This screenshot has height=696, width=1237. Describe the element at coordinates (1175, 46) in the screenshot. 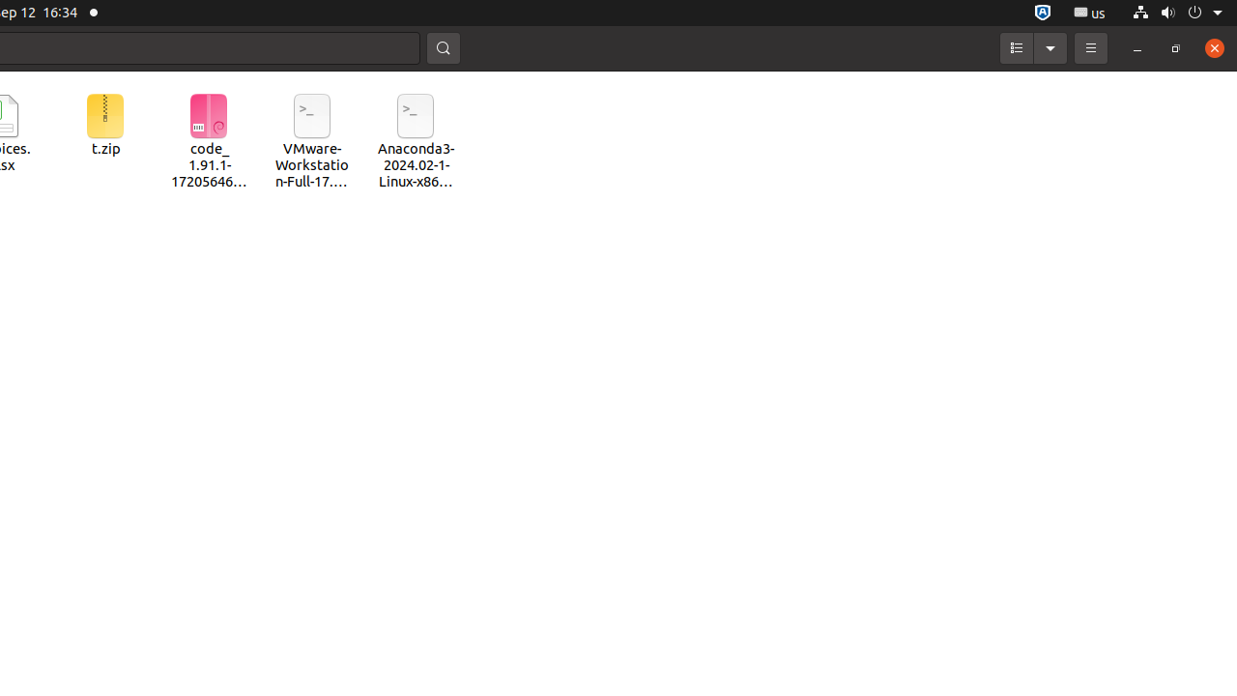

I see `'Restore'` at that location.